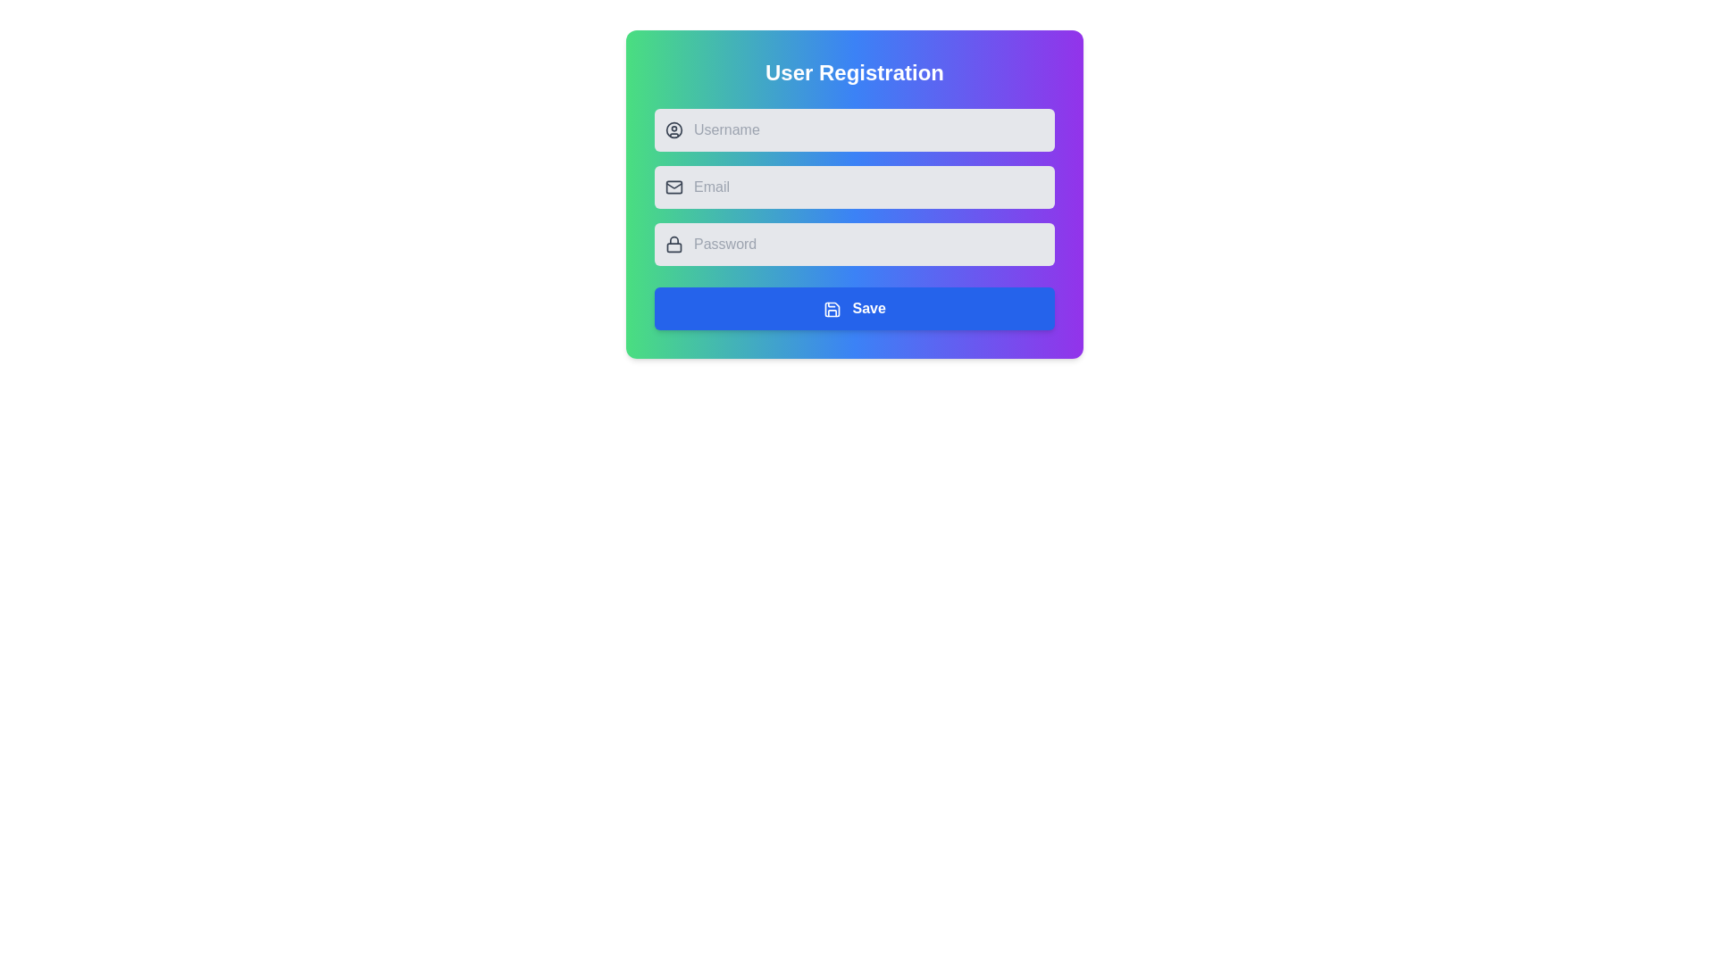 The image size is (1715, 964). Describe the element at coordinates (853, 244) in the screenshot. I see `the Password Input Field located in the User Registration form to focus on it` at that location.